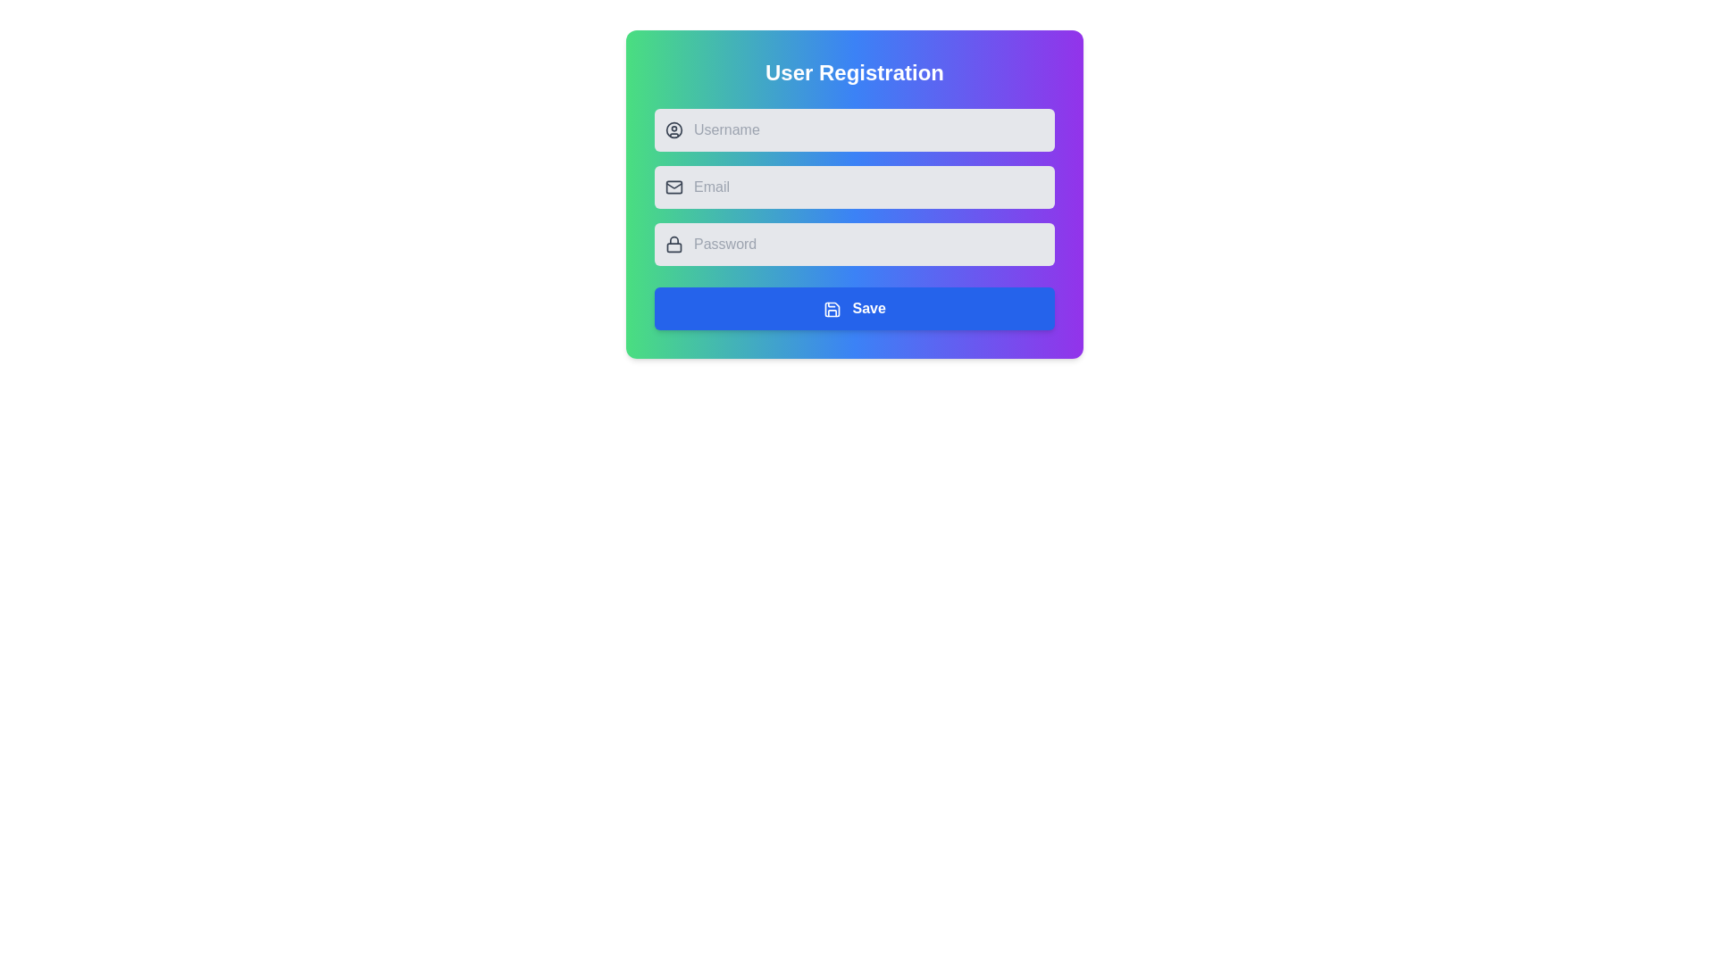 The image size is (1715, 964). Describe the element at coordinates (853, 244) in the screenshot. I see `the Password Input Field located in the User Registration form to focus on it` at that location.